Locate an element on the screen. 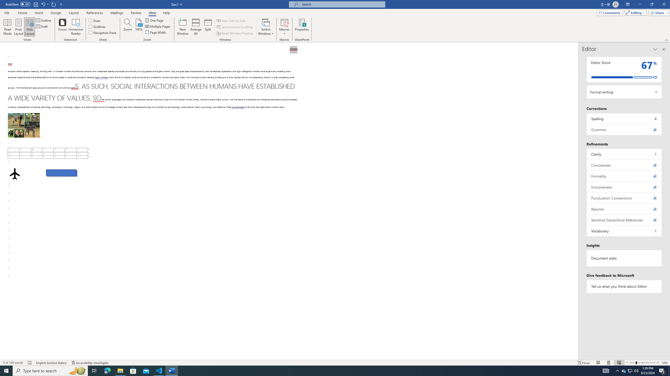 This screenshot has width=670, height=376. 'Tell us what you think about Editor' is located at coordinates (624, 286).